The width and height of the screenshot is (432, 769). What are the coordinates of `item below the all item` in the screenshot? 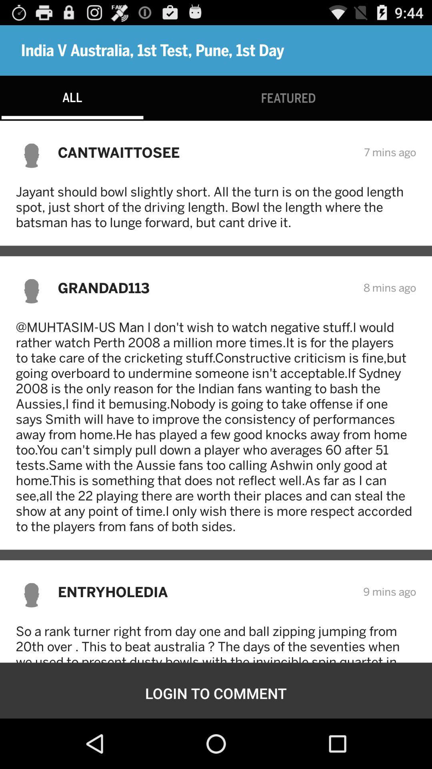 It's located at (205, 152).